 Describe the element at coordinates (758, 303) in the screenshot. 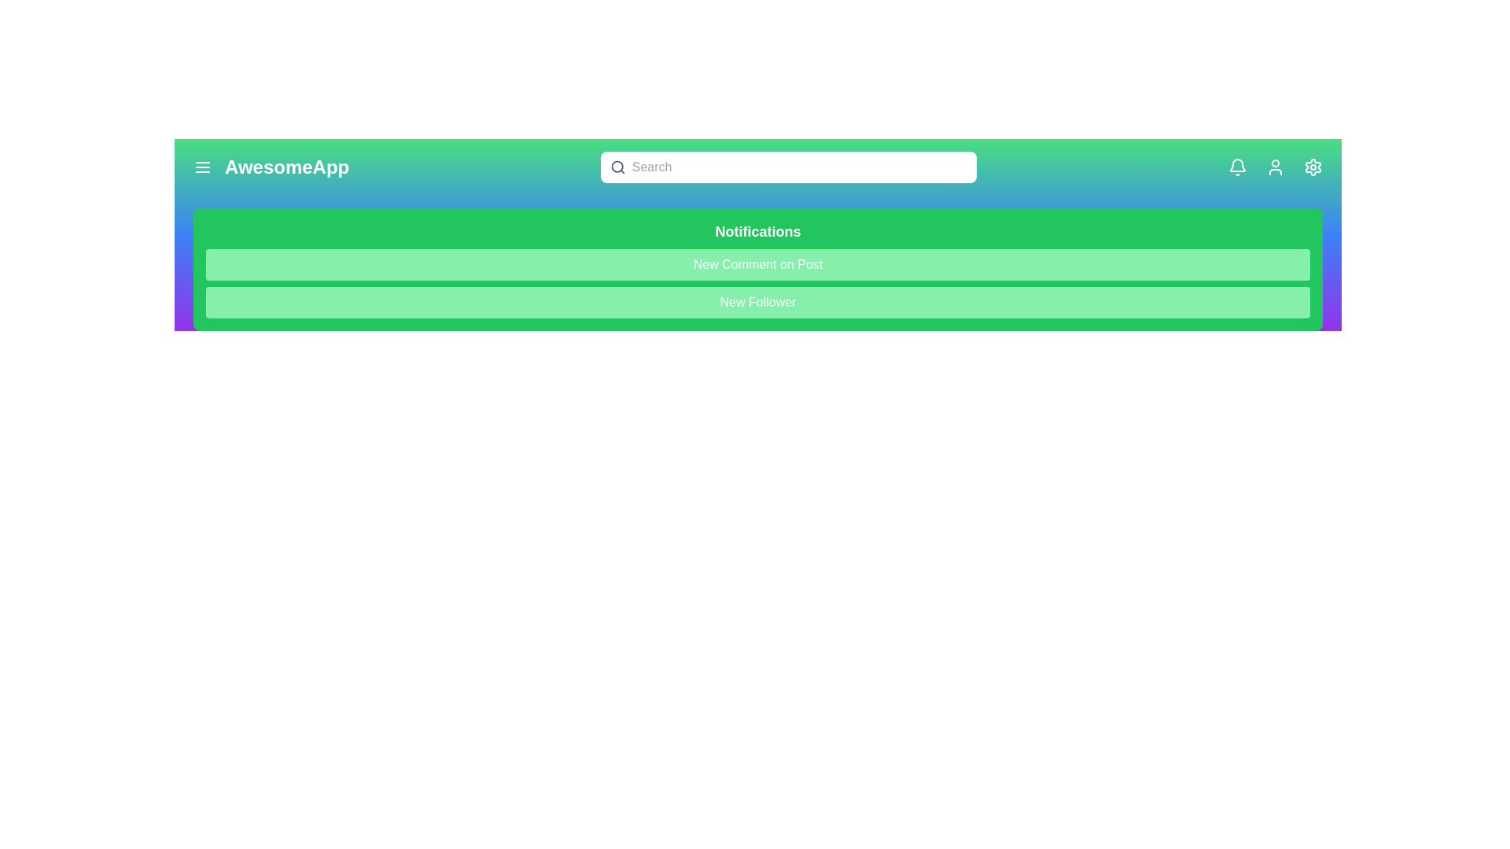

I see `the Text Display Element that shows notifications for new followers, located beneath the 'New Comment on Post' element in the notifications section` at that location.